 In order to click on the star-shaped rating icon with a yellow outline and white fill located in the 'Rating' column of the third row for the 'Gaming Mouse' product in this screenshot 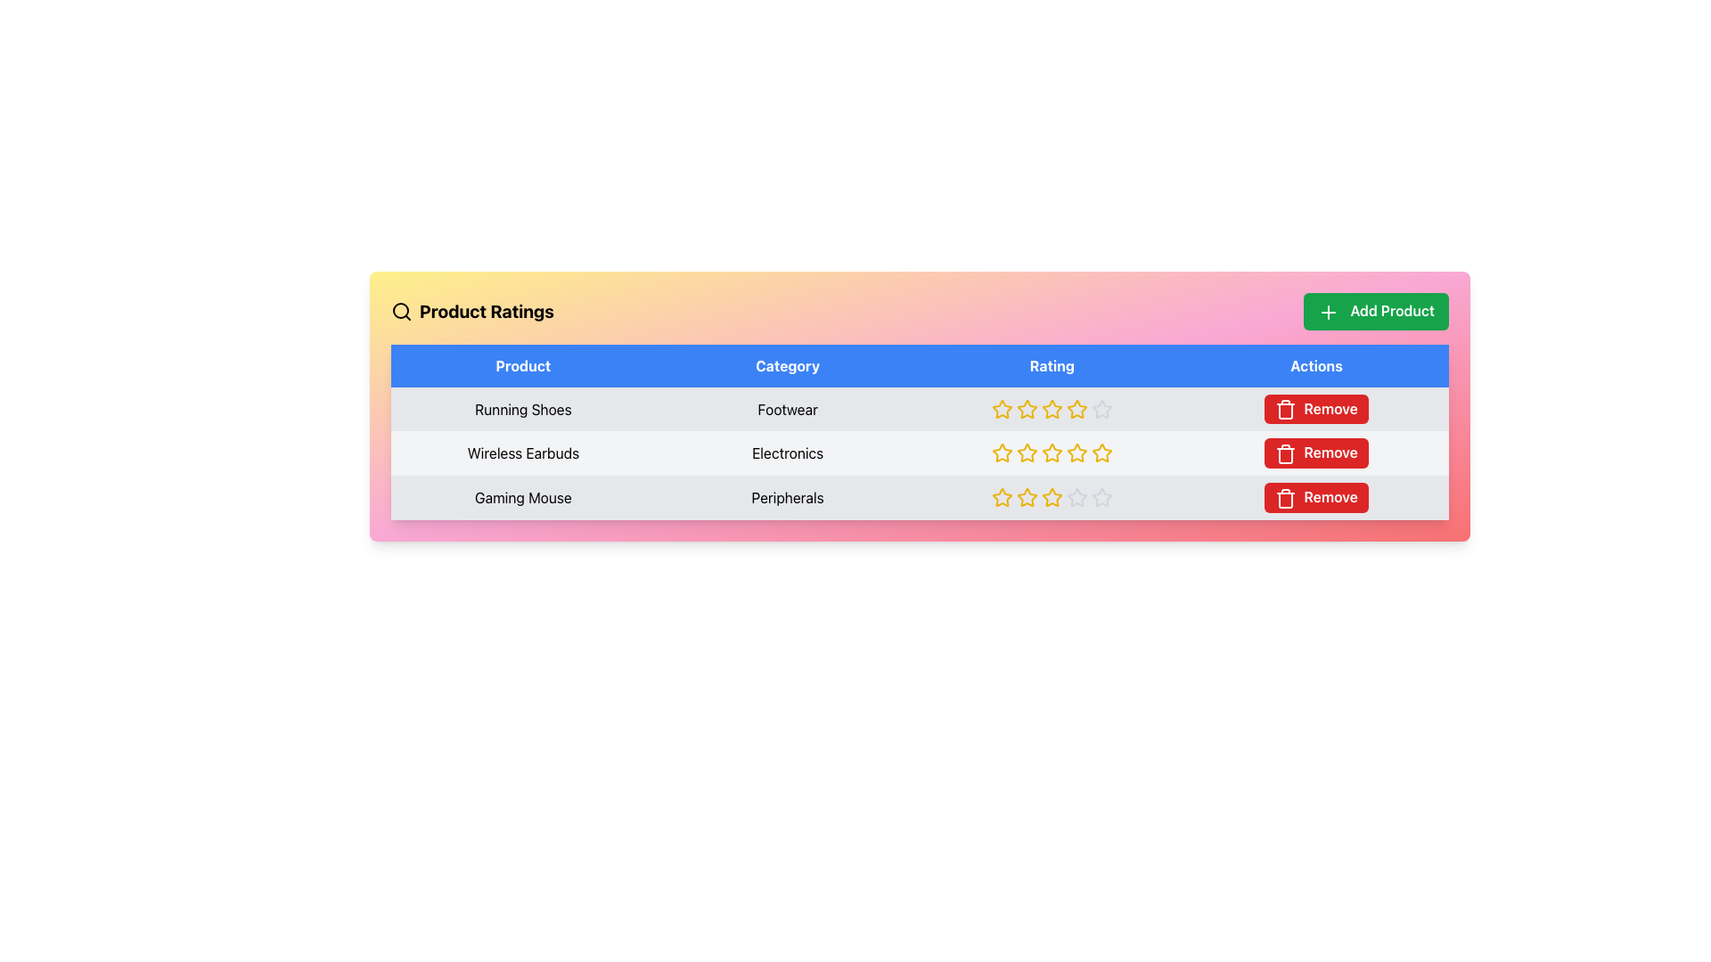, I will do `click(1027, 497)`.